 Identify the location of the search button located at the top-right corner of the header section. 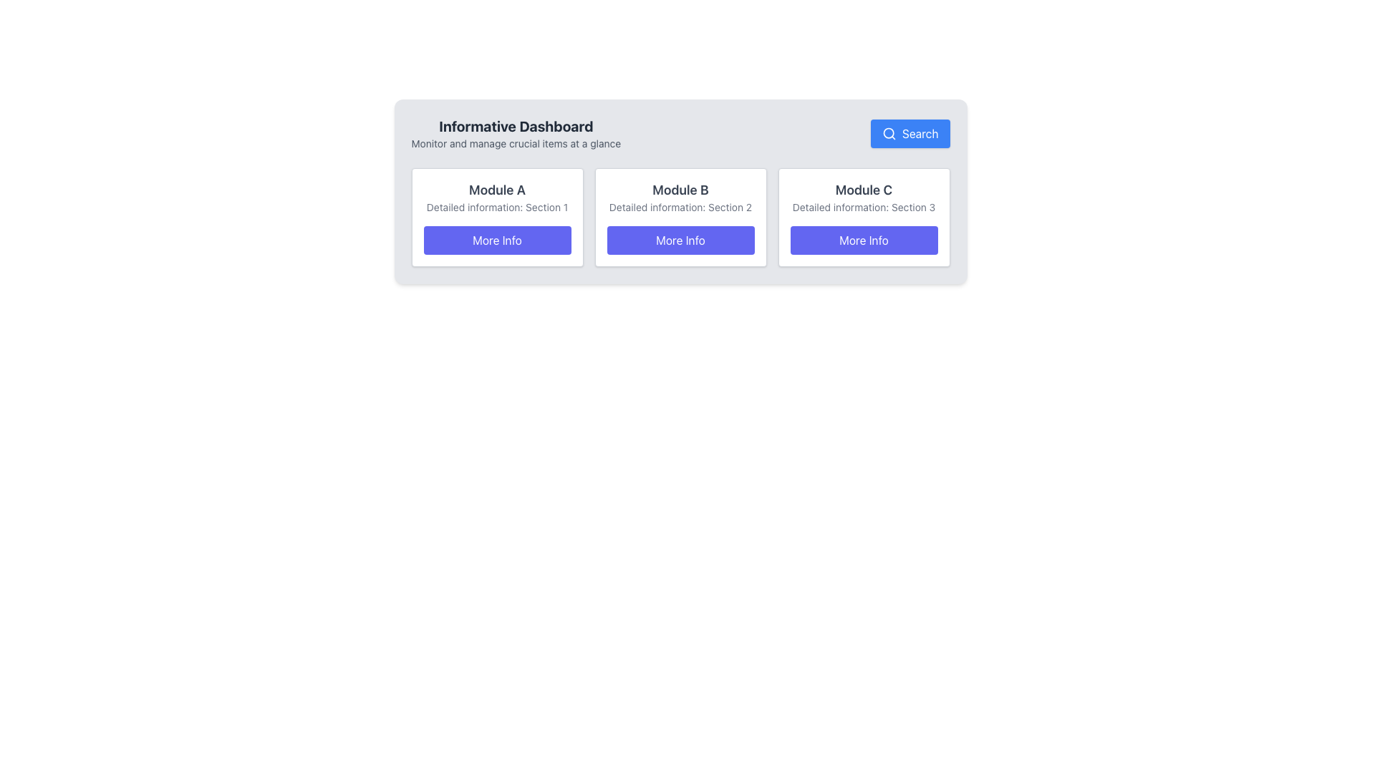
(910, 133).